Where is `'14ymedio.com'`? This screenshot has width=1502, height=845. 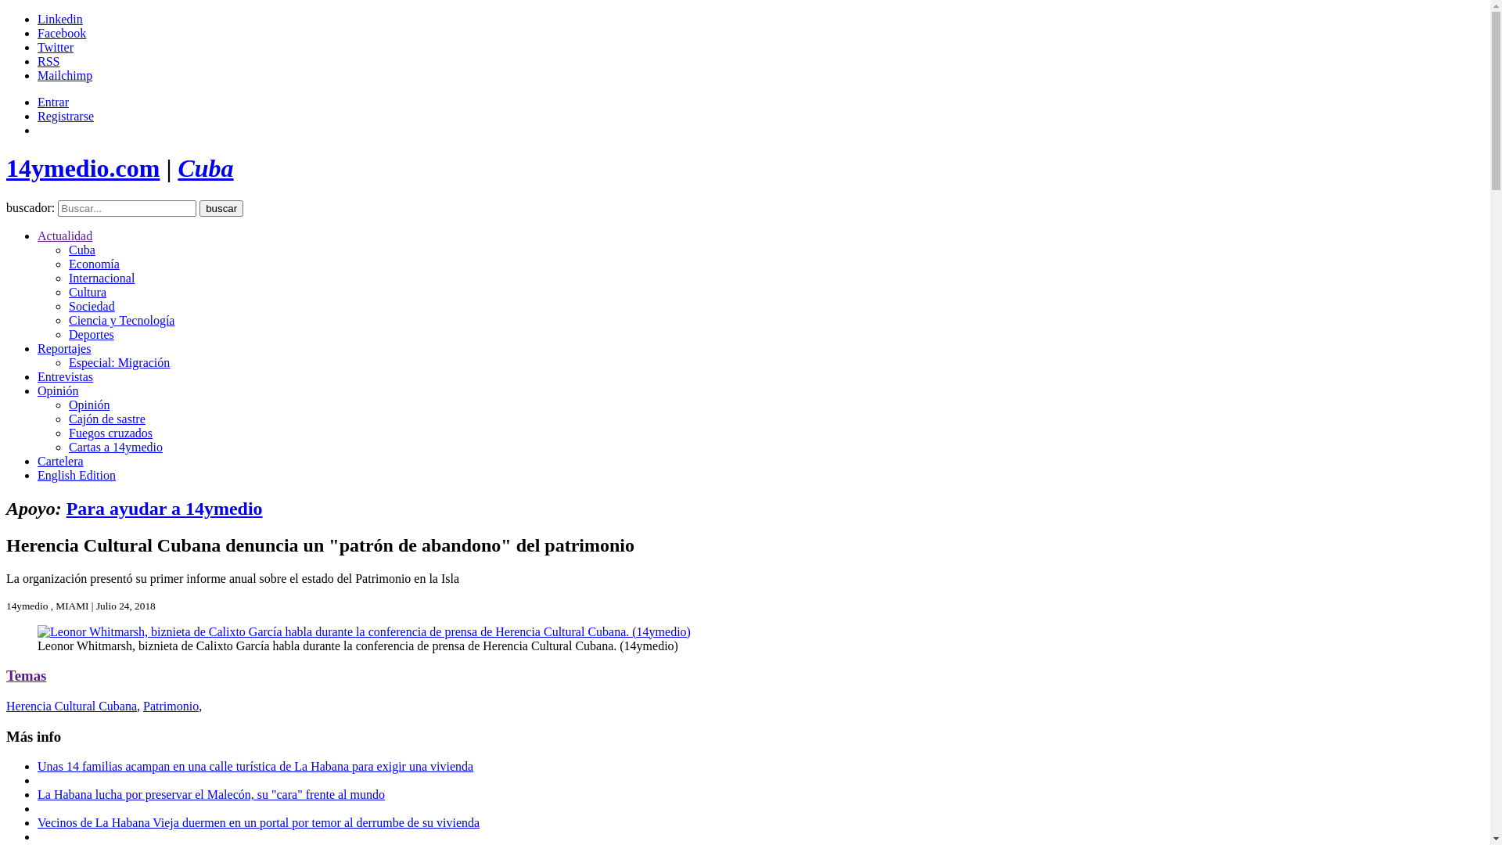
'14ymedio.com' is located at coordinates (81, 168).